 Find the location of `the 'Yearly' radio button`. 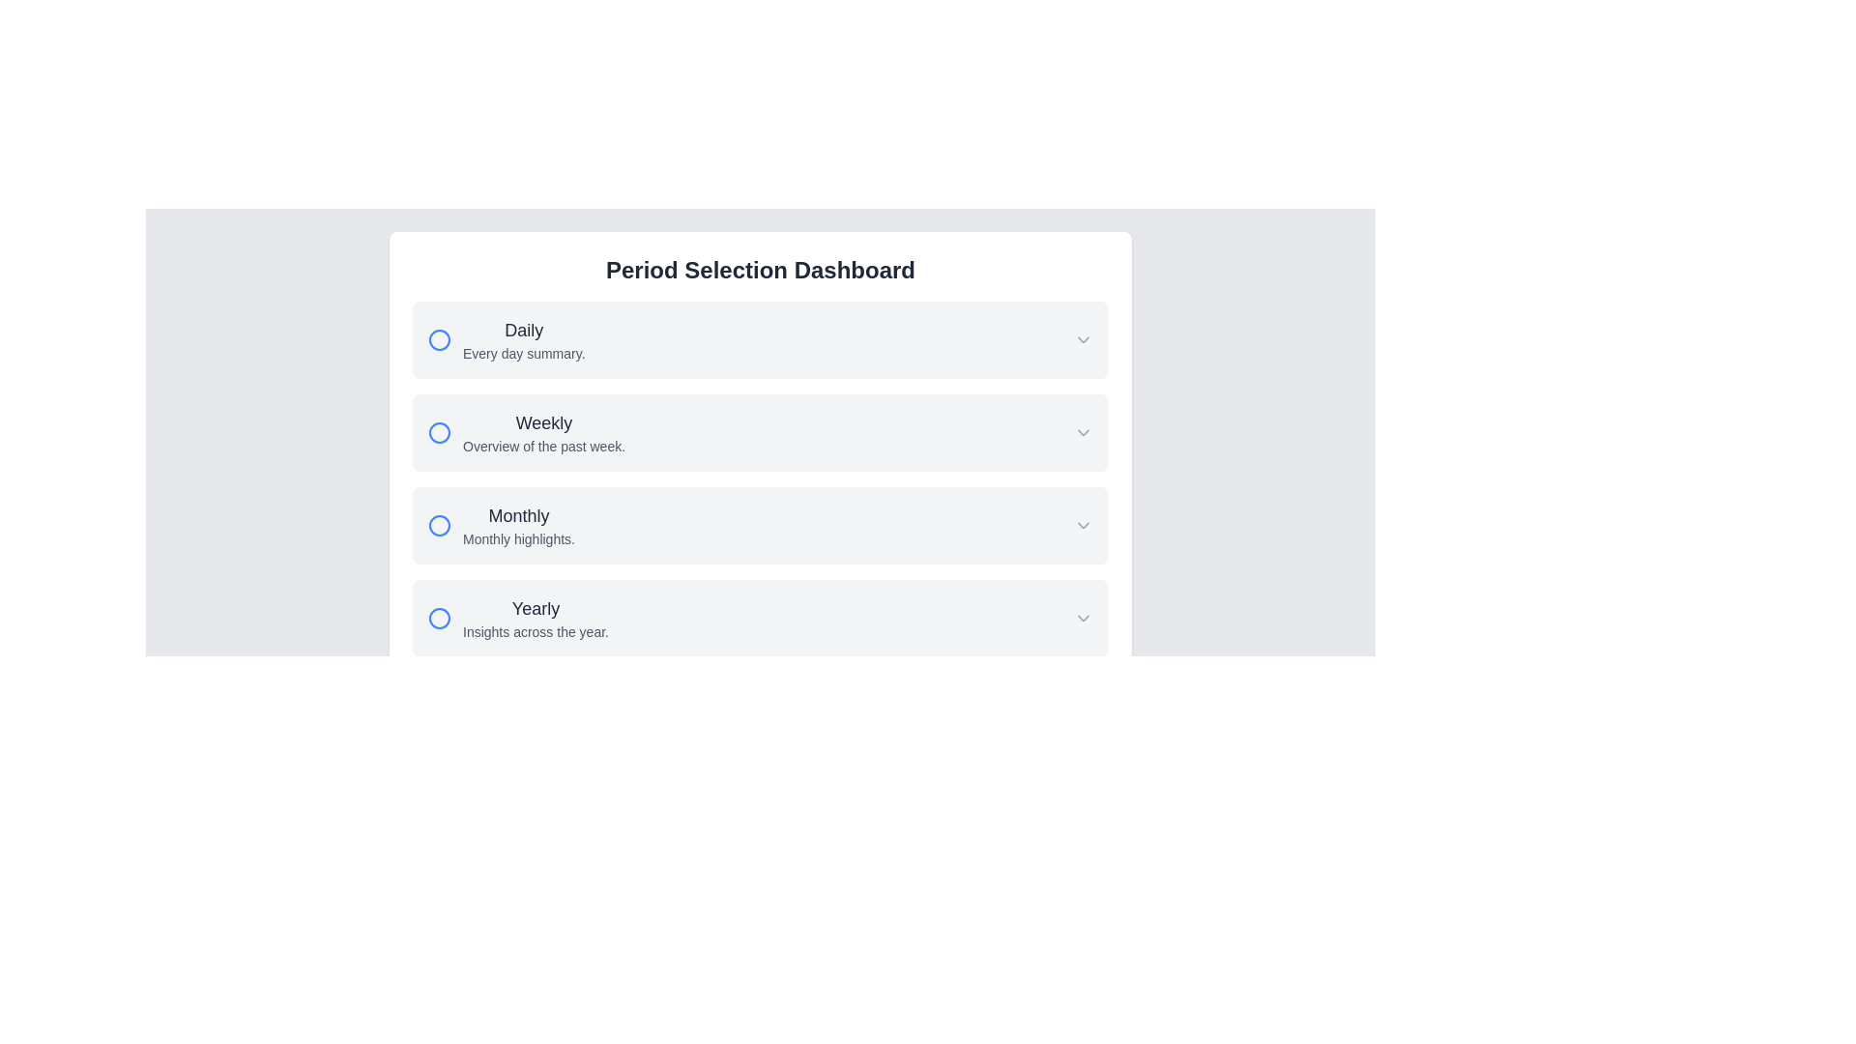

the 'Yearly' radio button is located at coordinates (439, 619).